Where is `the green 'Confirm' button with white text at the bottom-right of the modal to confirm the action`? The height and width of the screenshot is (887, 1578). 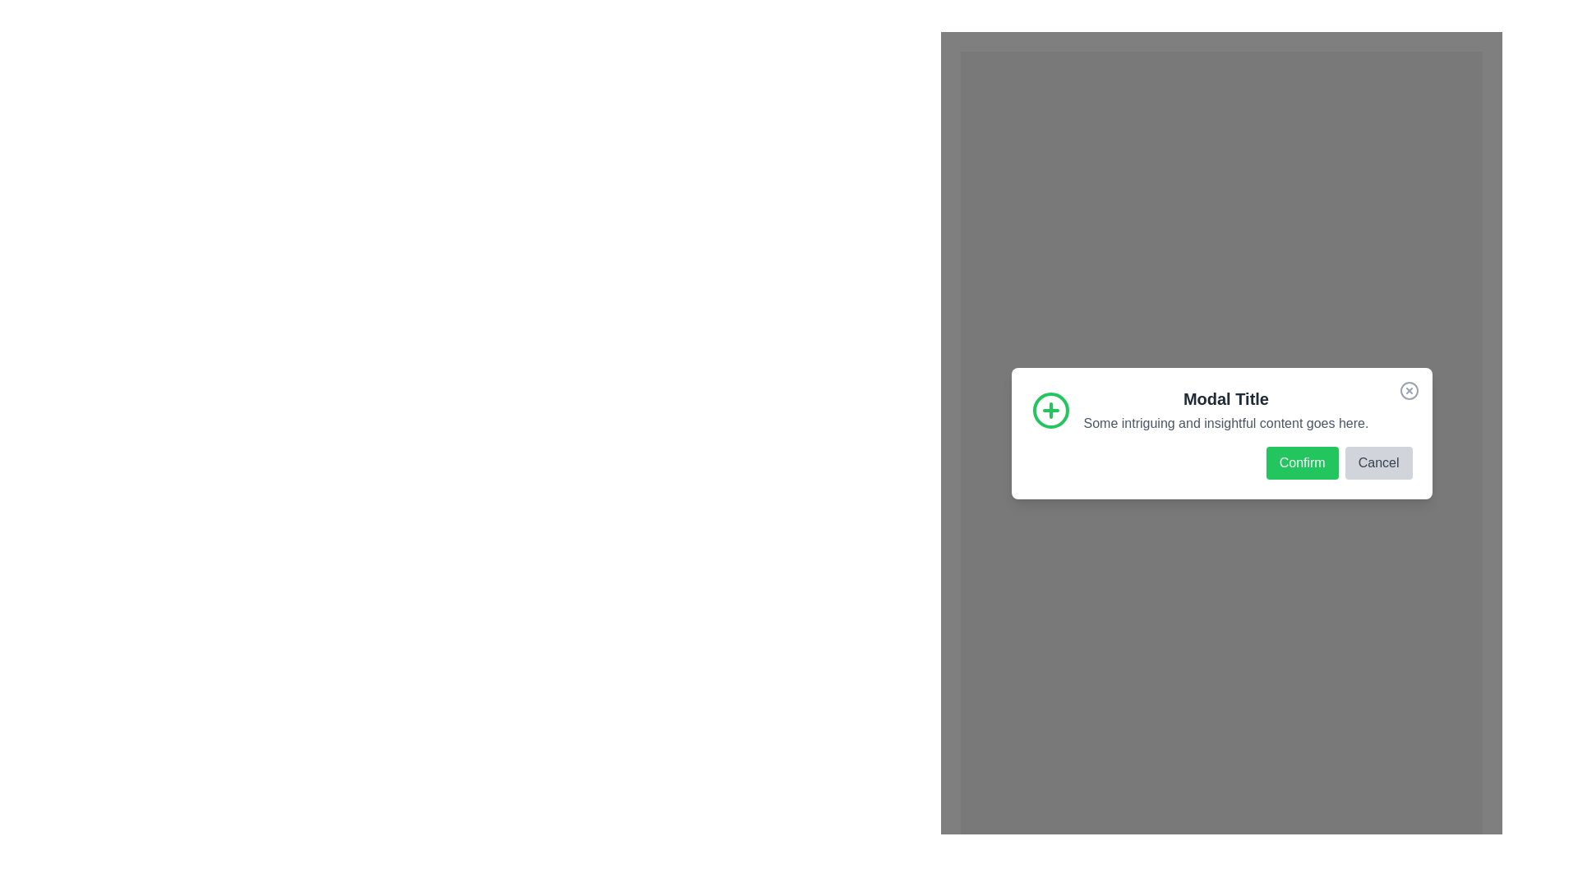 the green 'Confirm' button with white text at the bottom-right of the modal to confirm the action is located at coordinates (1301, 462).